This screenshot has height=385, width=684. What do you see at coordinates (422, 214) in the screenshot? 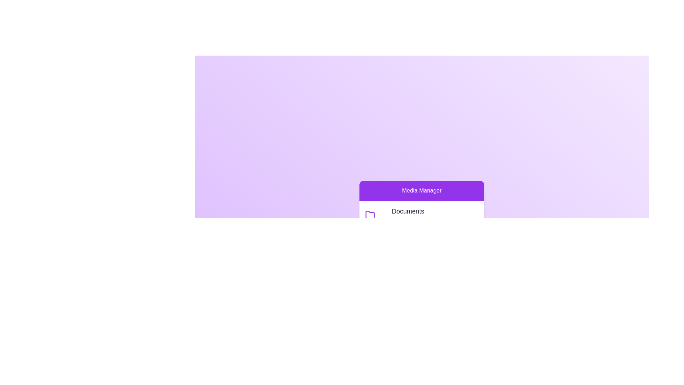
I see `the category Documents to observe its hover effect` at bounding box center [422, 214].